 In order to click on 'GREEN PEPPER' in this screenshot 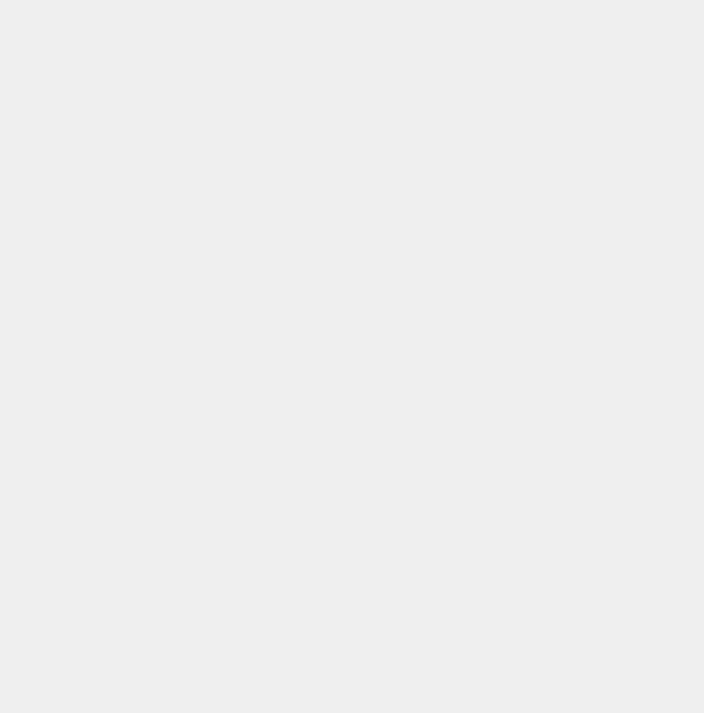, I will do `click(86, 508)`.